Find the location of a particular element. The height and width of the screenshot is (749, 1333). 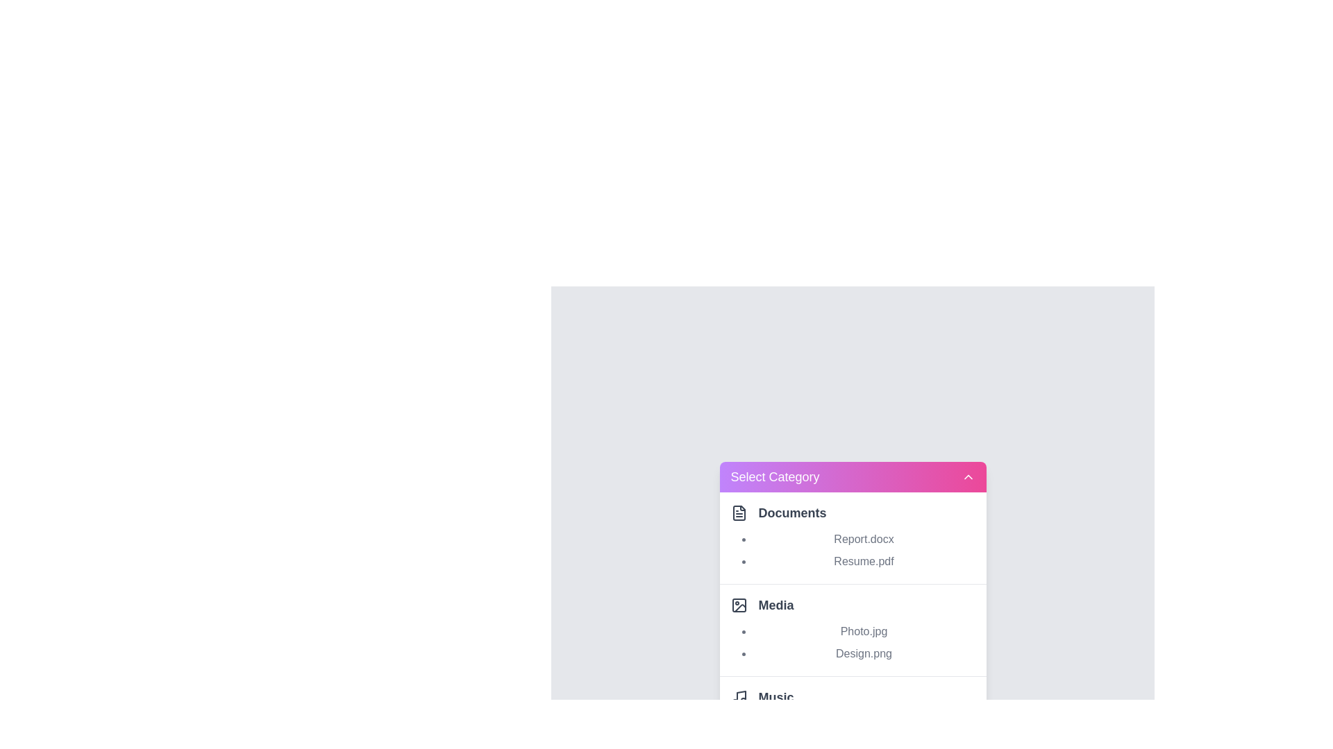

the small SVG musical note icon located to the left of the 'Music' text in the 'Select Category' panel under the 'Media' section is located at coordinates (738, 697).